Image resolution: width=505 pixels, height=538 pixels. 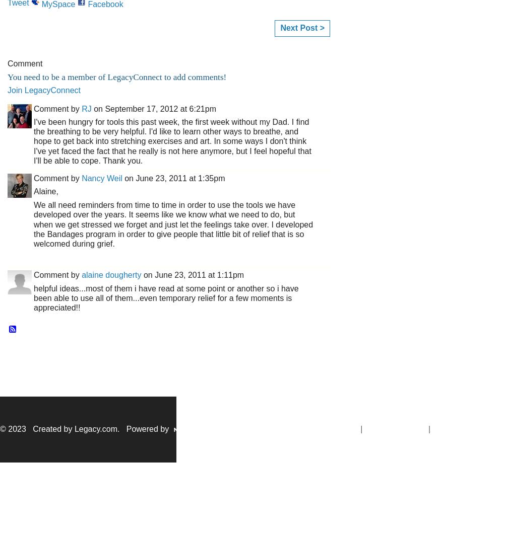 I want to click on 'Comment', so click(x=25, y=63).